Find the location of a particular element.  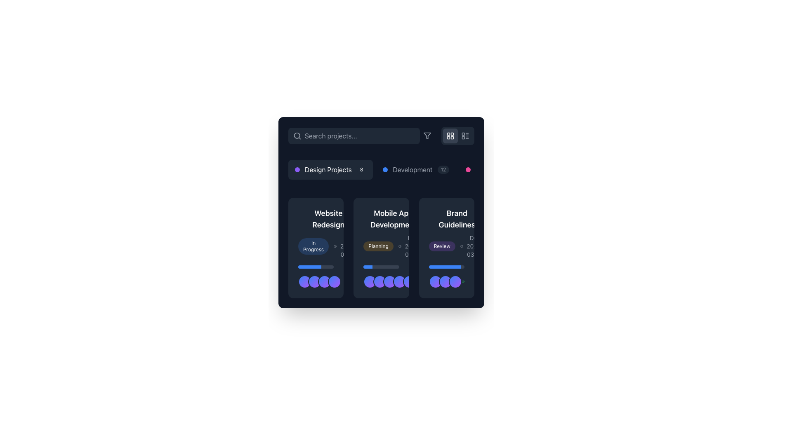

one of the circular avatars in the Grouped Avatar Icons is located at coordinates (319, 281).